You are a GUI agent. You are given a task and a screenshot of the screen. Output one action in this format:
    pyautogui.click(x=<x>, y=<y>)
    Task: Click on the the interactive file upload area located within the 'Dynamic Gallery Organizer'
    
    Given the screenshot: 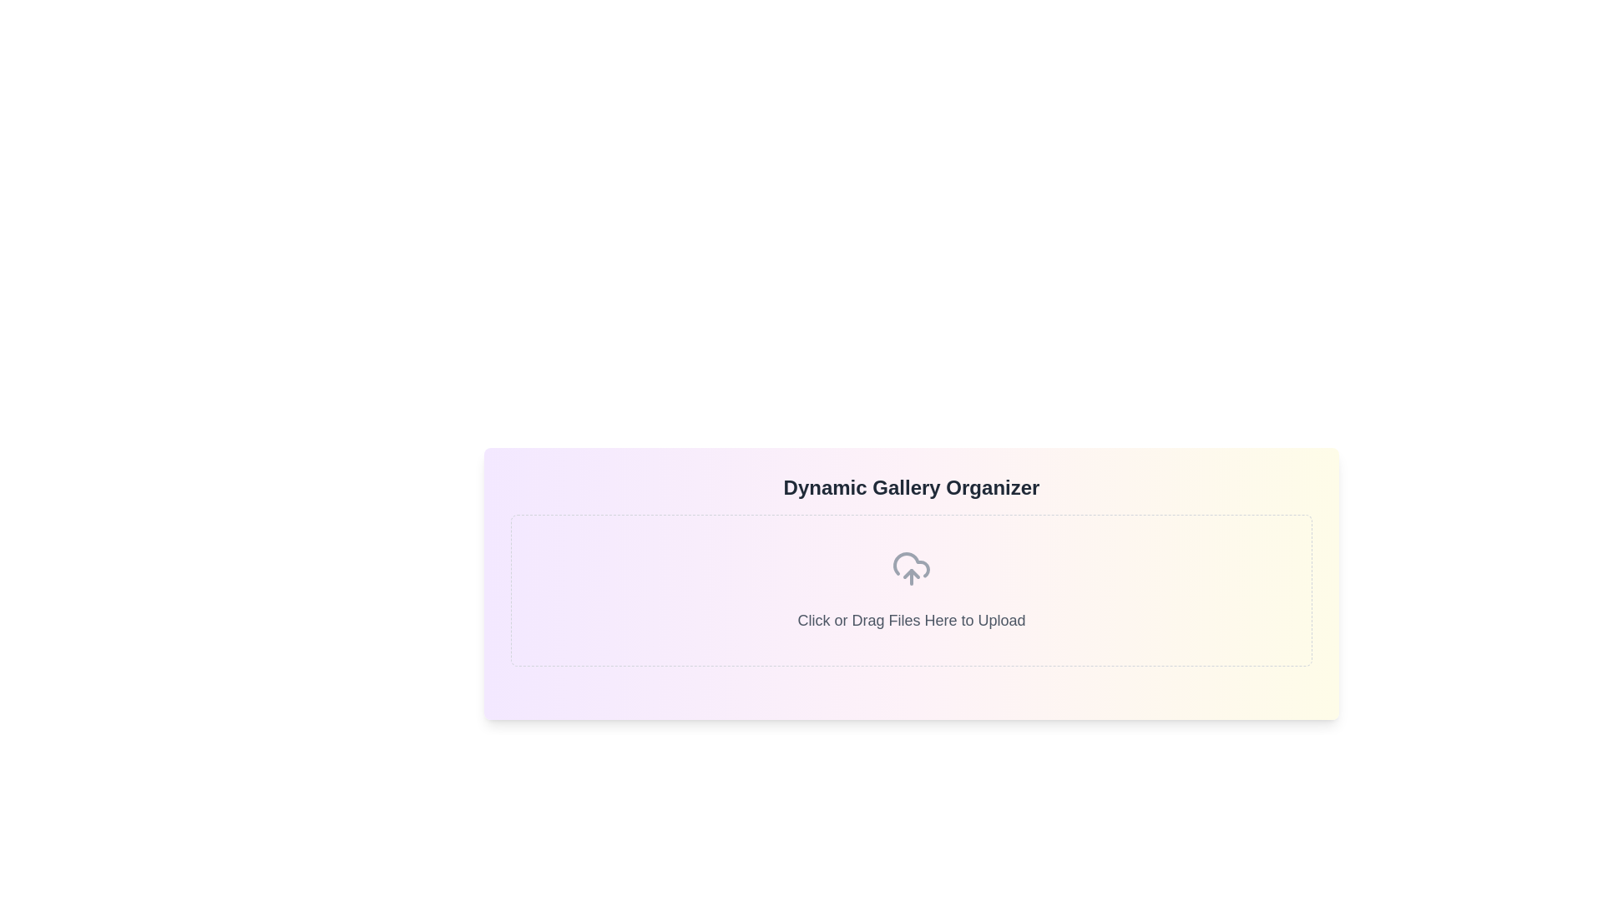 What is the action you would take?
    pyautogui.click(x=910, y=590)
    